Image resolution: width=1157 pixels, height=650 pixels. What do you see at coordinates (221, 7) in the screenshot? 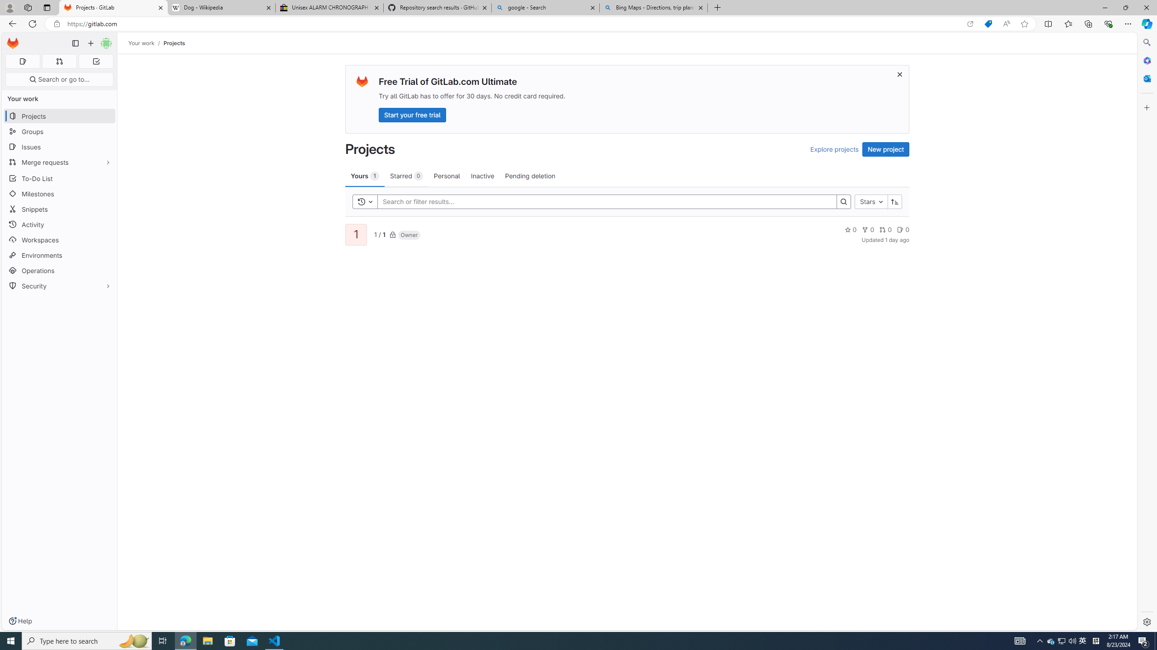
I see `'Dog - Wikipedia'` at bounding box center [221, 7].